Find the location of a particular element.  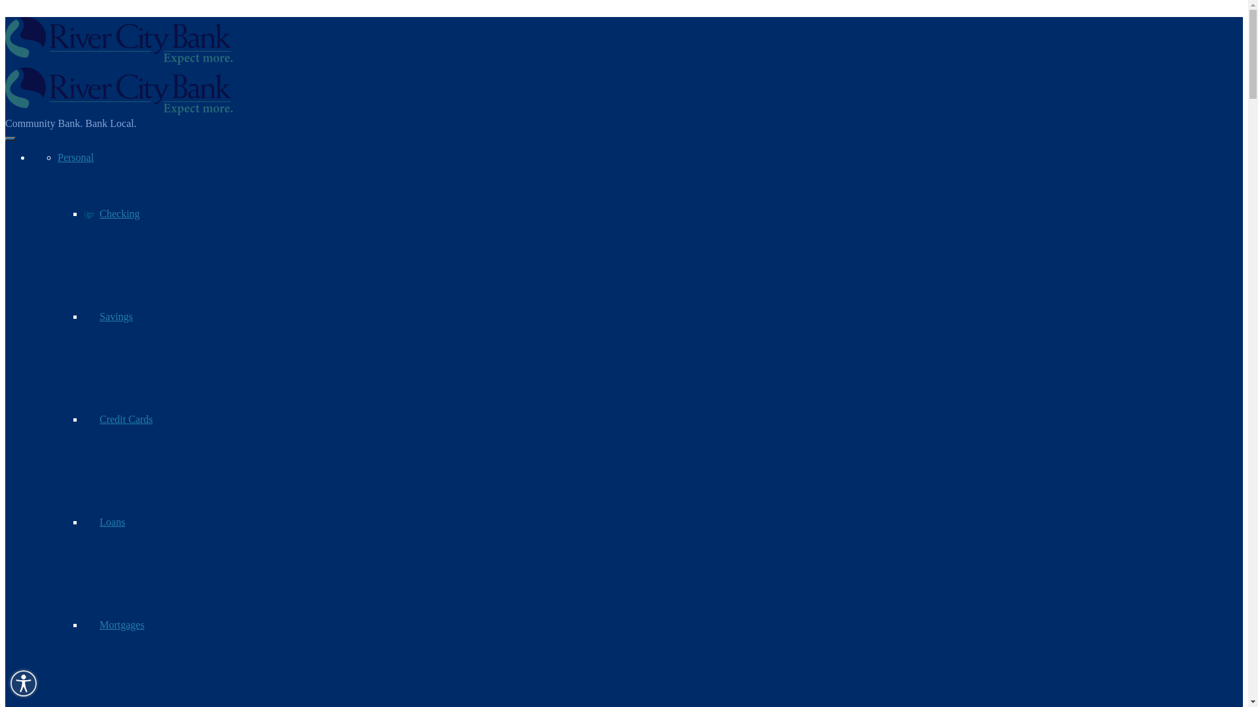

'Savings' is located at coordinates (108, 316).